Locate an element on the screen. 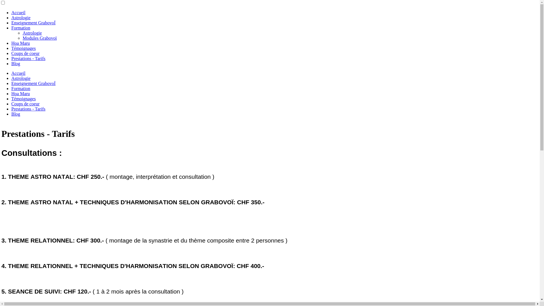  'Formation' is located at coordinates (21, 88).